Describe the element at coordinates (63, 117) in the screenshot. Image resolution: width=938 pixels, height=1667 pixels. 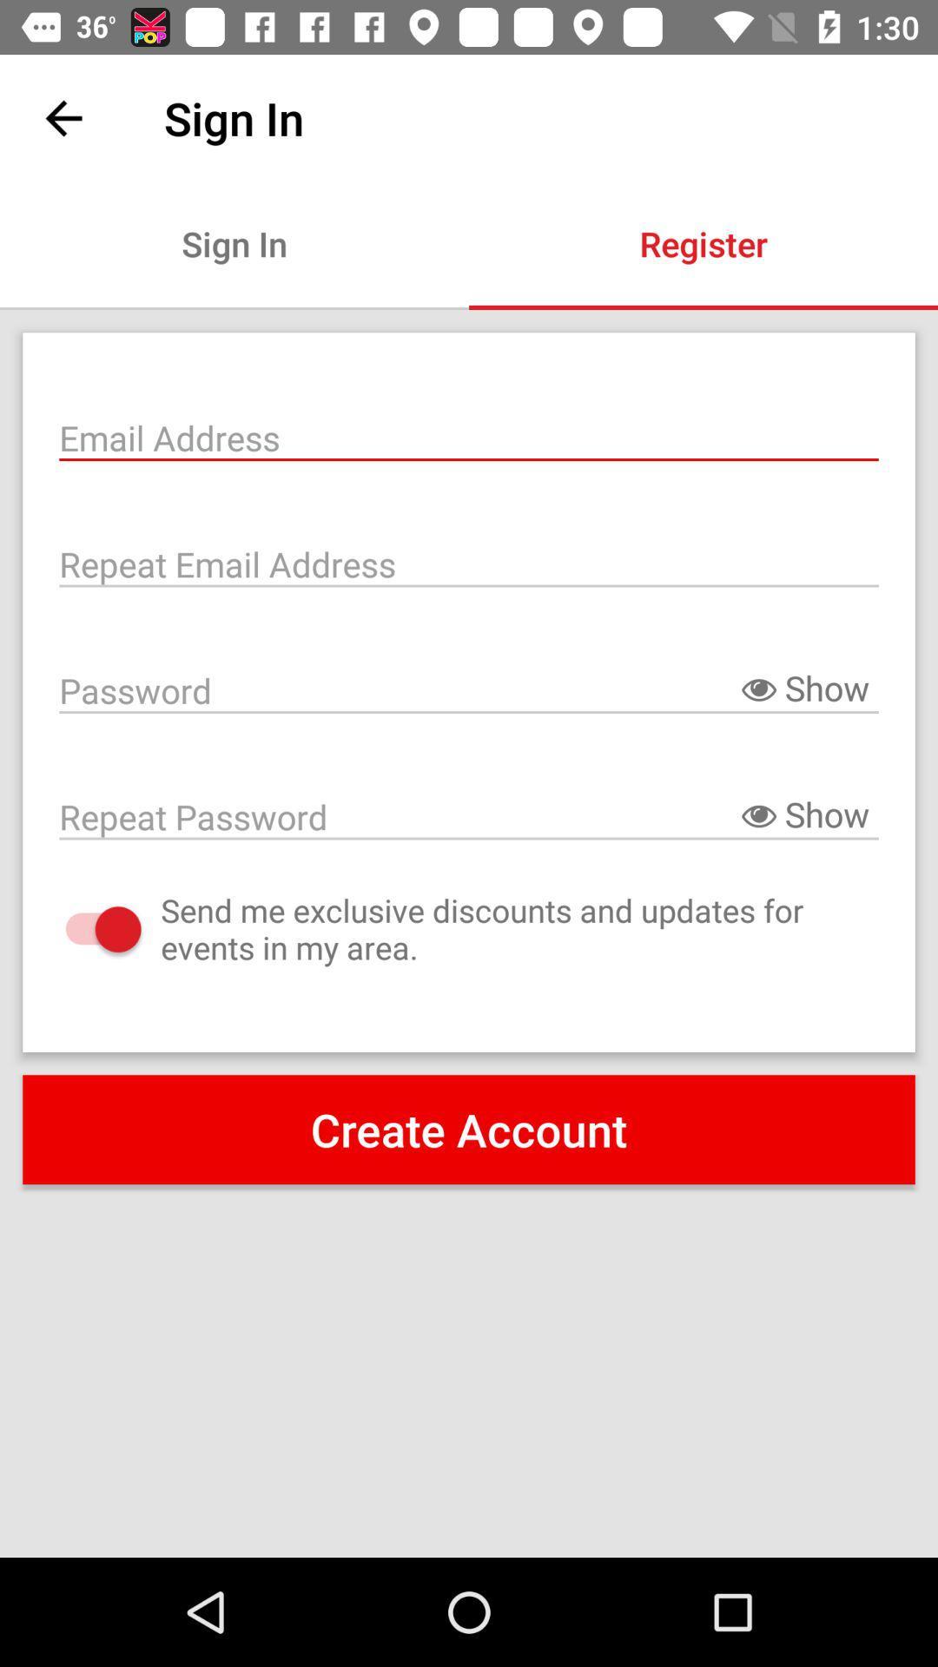
I see `go back` at that location.